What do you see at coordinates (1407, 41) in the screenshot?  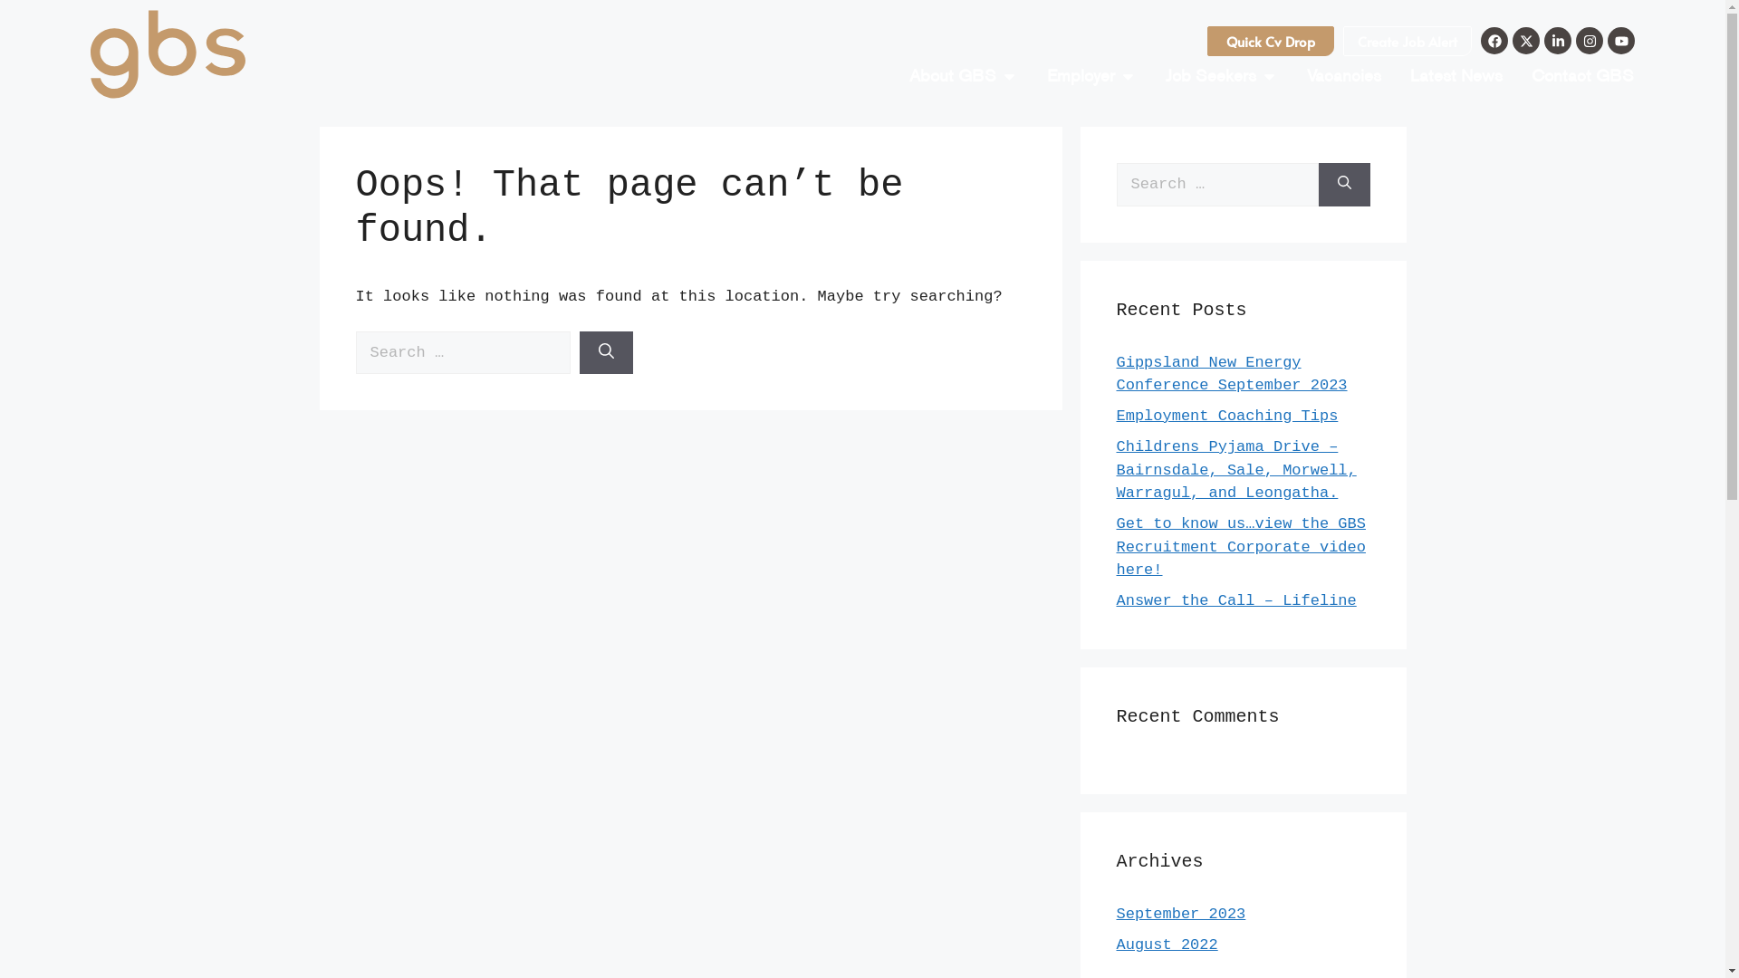 I see `'Create Job Alert'` at bounding box center [1407, 41].